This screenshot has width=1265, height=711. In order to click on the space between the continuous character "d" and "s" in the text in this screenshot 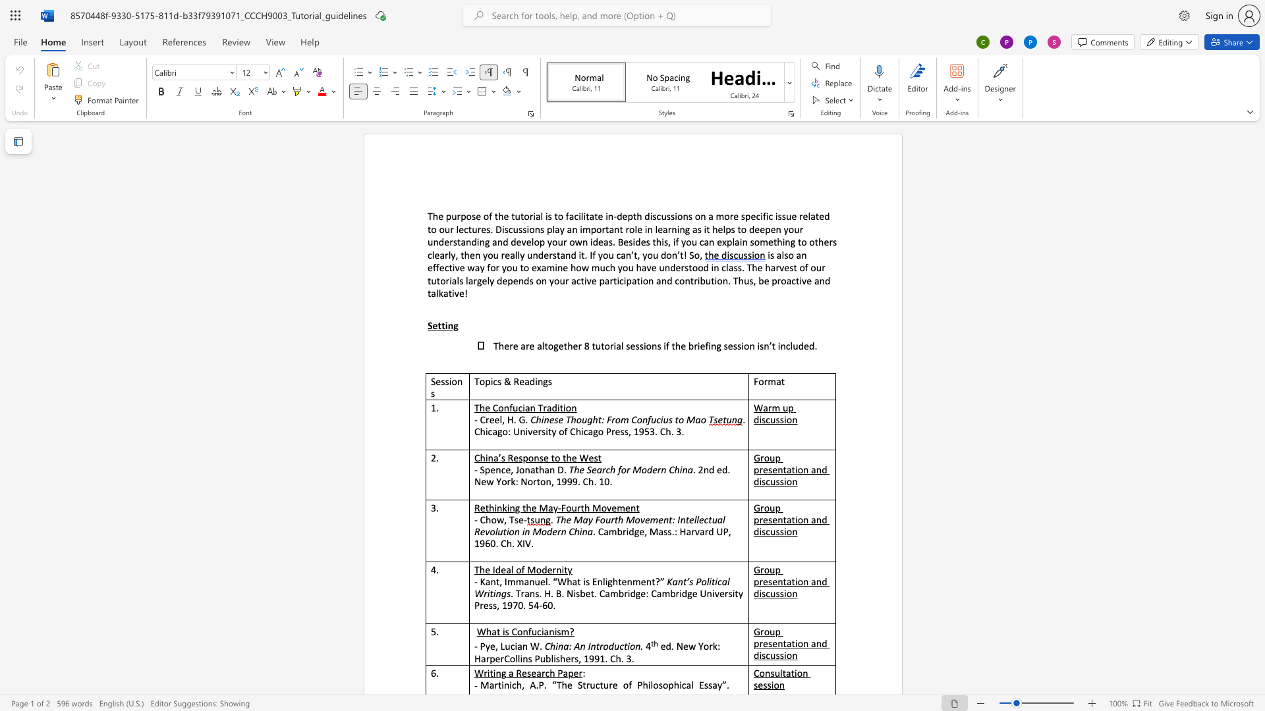, I will do `click(528, 280)`.